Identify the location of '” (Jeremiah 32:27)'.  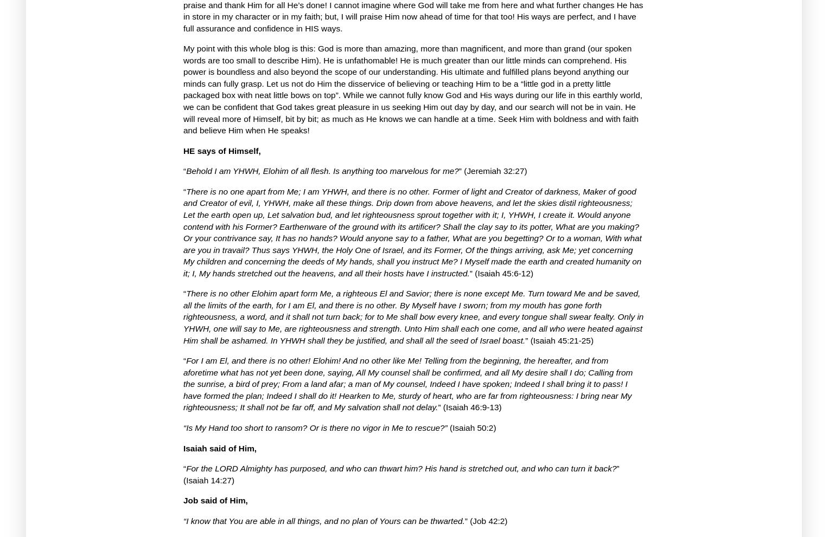
(492, 170).